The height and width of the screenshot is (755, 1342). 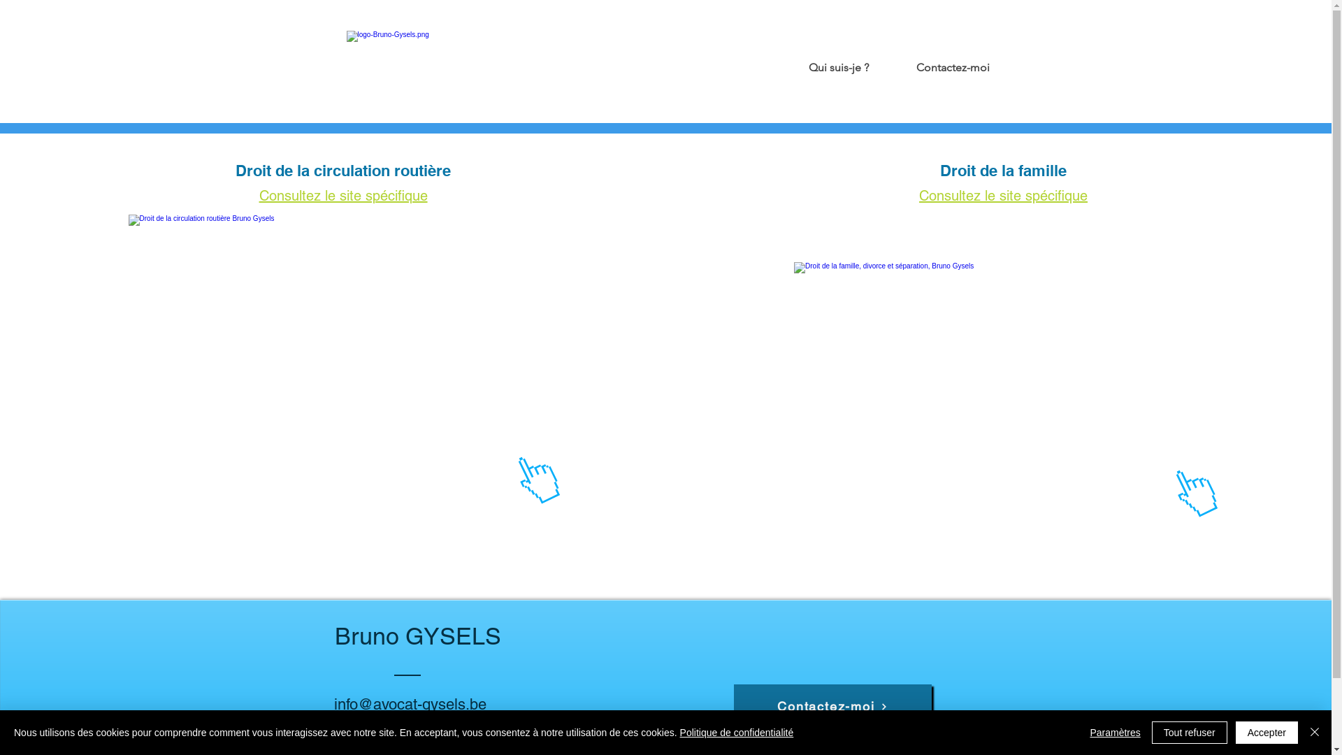 I want to click on '0485 24 20 24', so click(x=382, y=724).